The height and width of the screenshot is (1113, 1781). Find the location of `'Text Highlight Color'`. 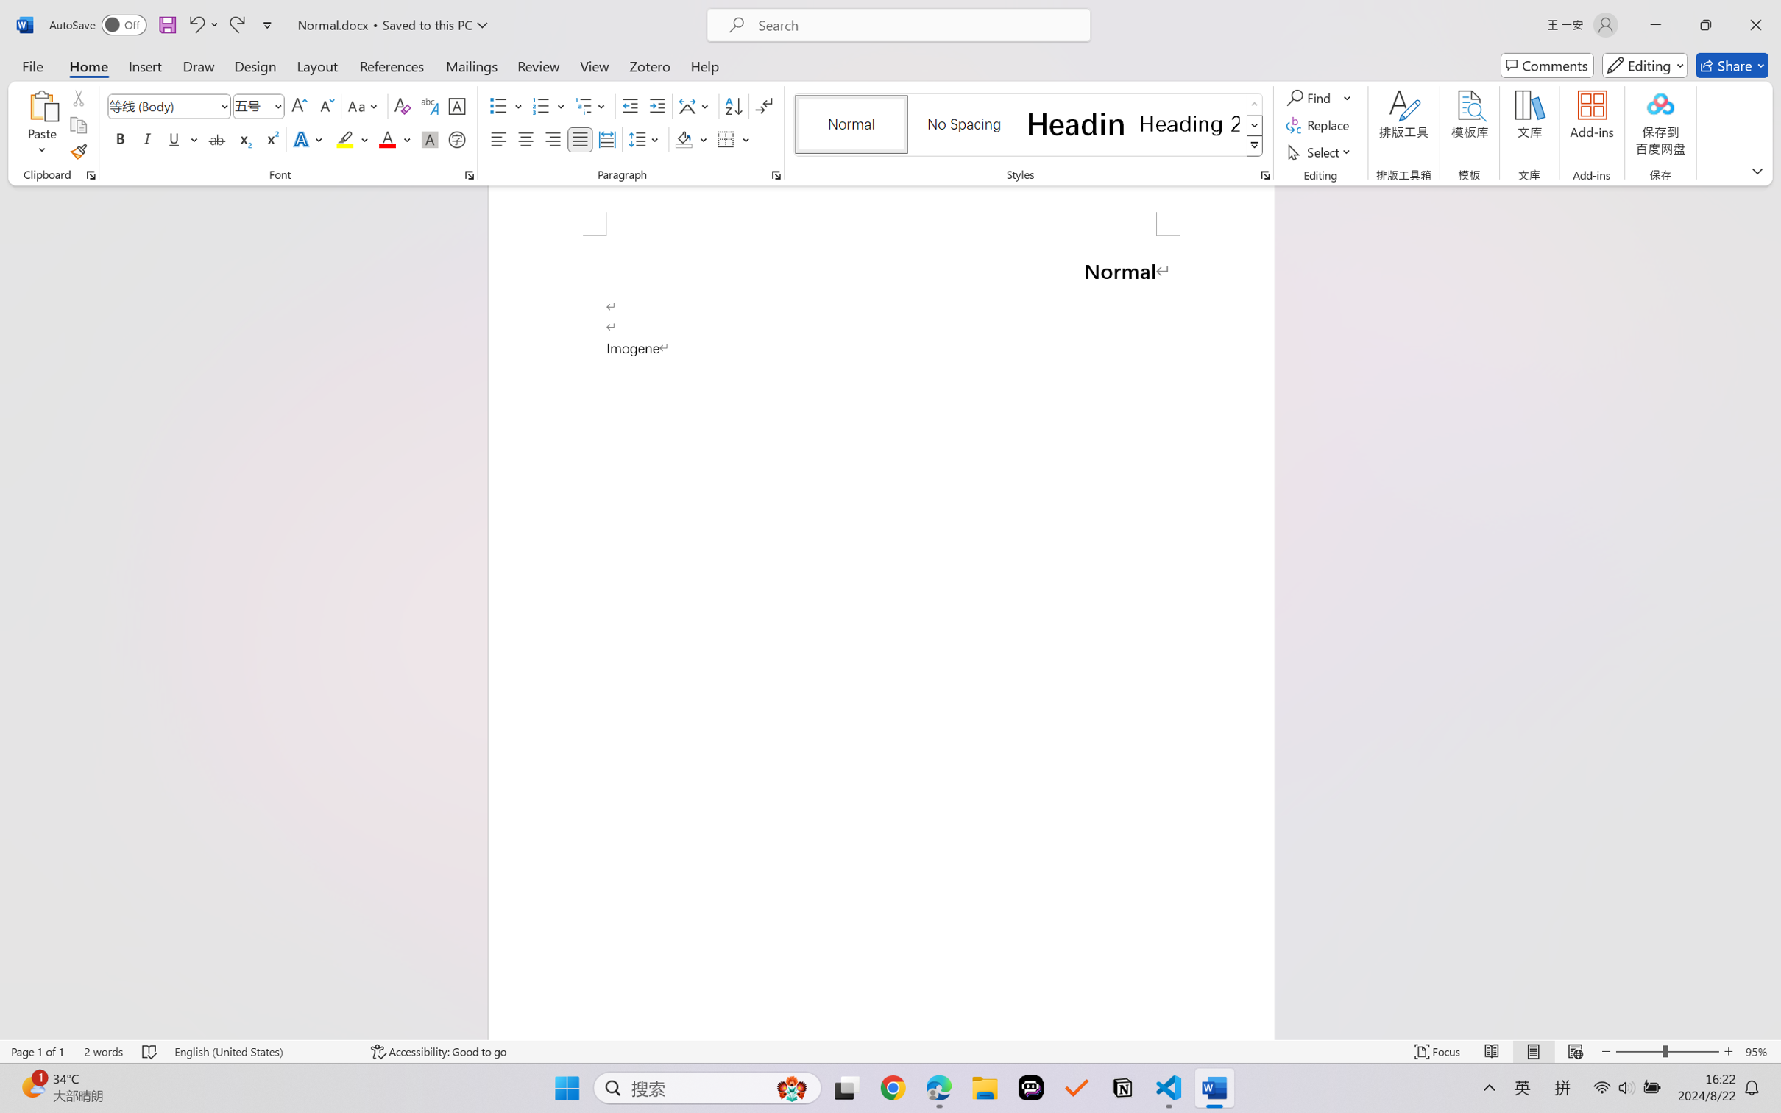

'Text Highlight Color' is located at coordinates (351, 138).